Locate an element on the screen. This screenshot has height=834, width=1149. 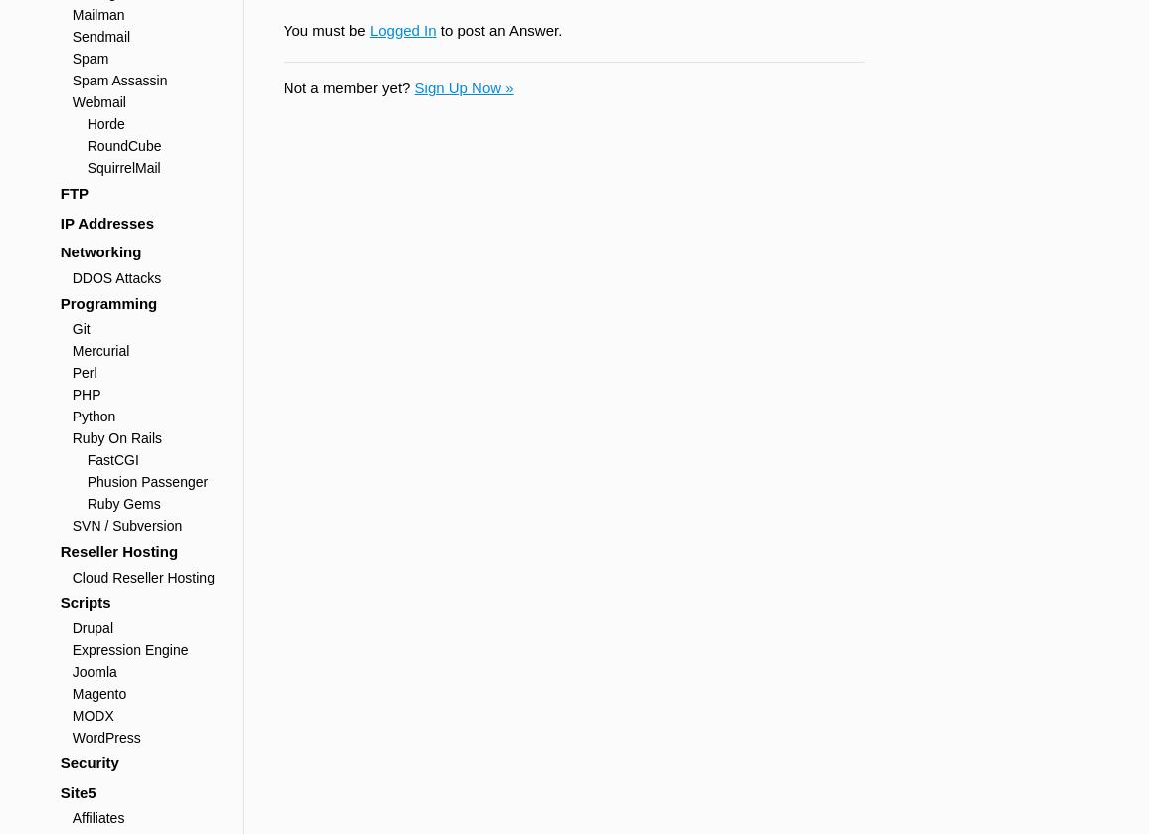
'Python' is located at coordinates (94, 416).